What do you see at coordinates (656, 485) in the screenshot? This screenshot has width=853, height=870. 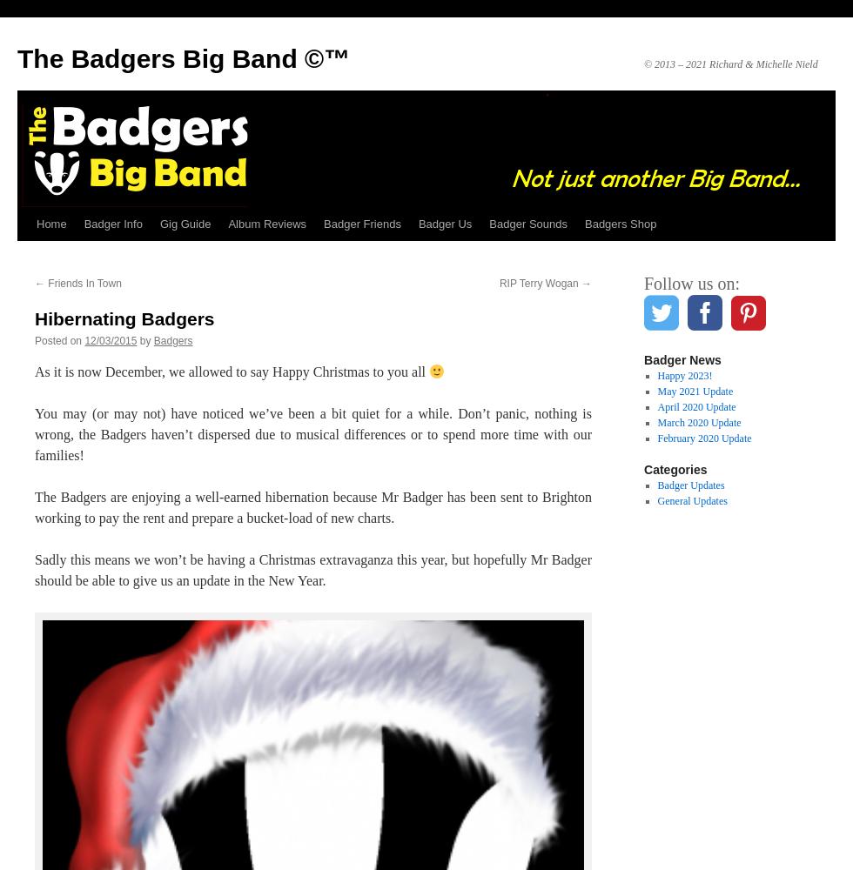 I see `'Badger Updates'` at bounding box center [656, 485].